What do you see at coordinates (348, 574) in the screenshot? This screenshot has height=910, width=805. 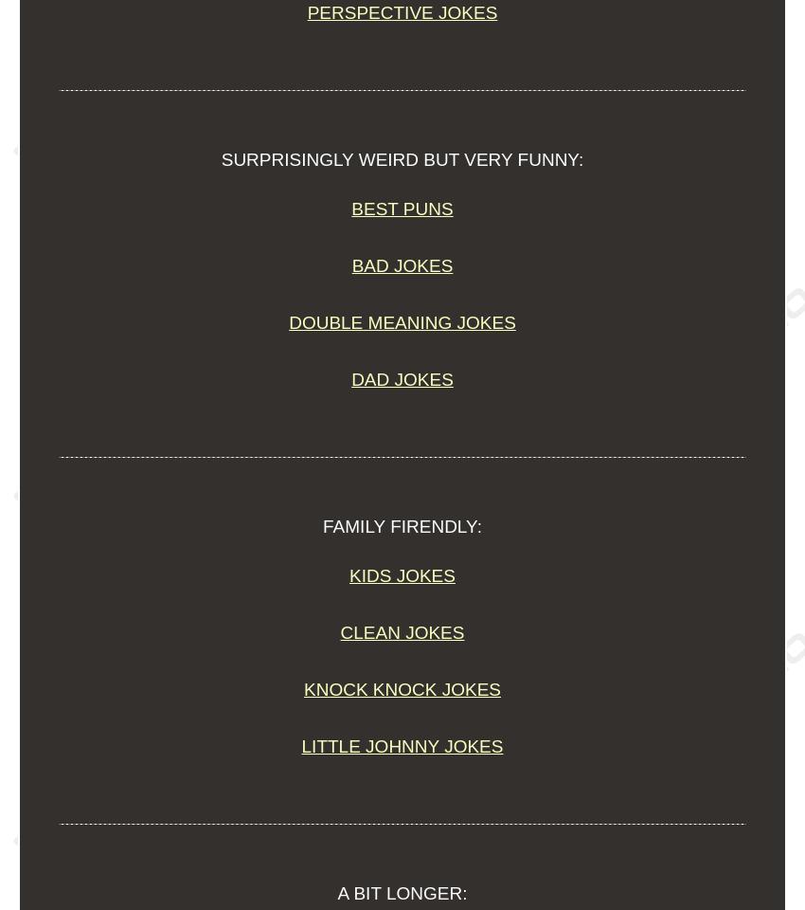 I see `'Kids Jokes'` at bounding box center [348, 574].